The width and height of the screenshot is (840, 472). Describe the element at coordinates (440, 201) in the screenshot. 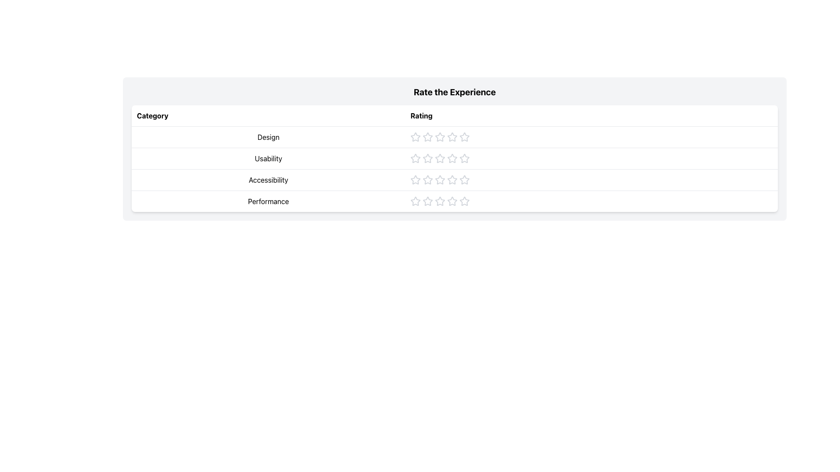

I see `the fourth star in the horizontal sequence of five stars in the 'Performance' row of the rating table to provide visual feedback` at that location.